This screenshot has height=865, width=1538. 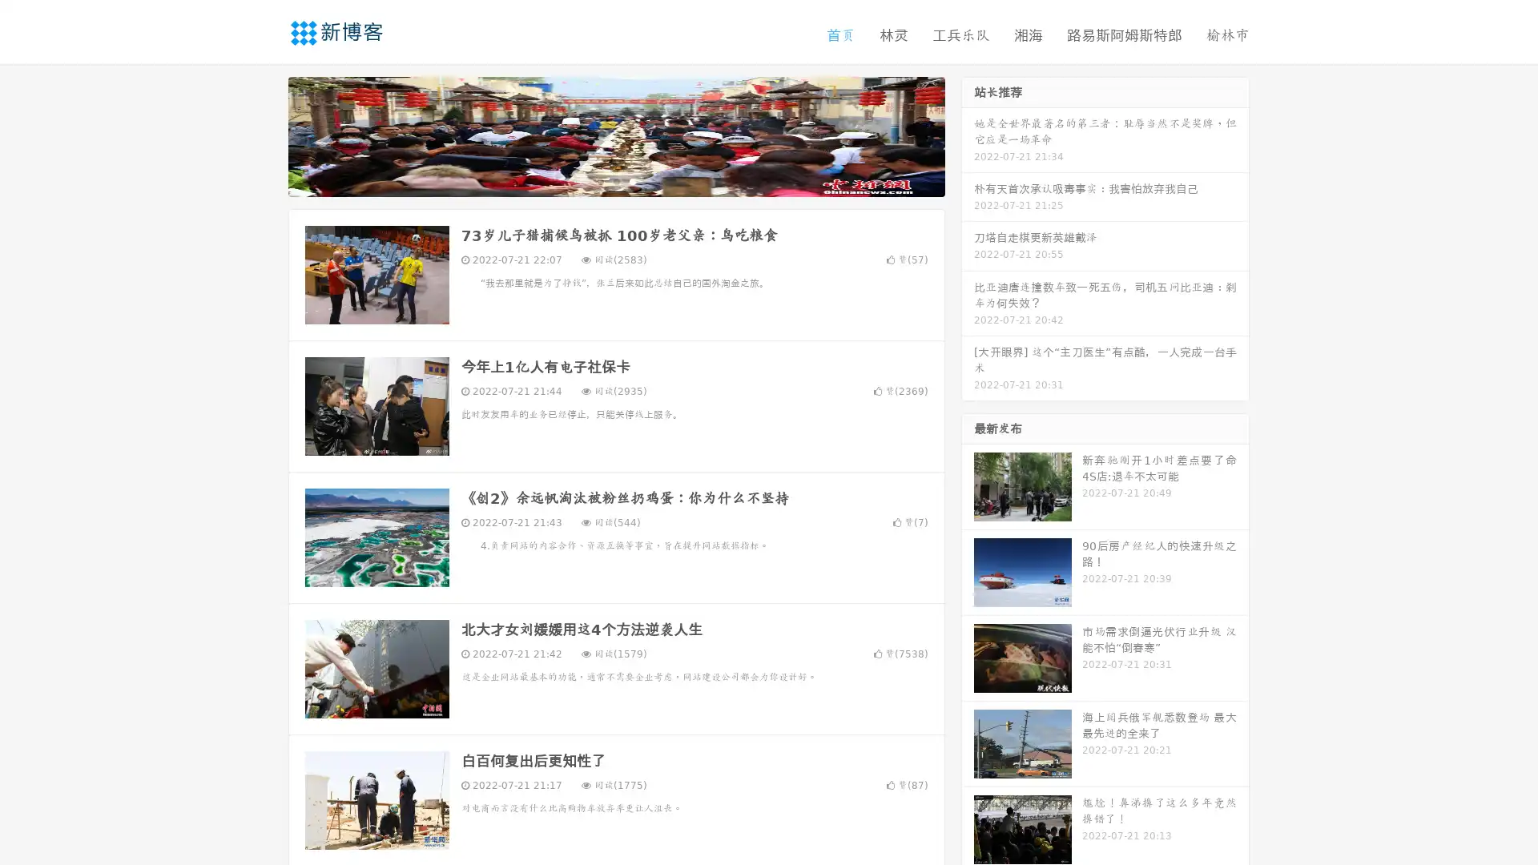 What do you see at coordinates (615, 180) in the screenshot?
I see `Go to slide 2` at bounding box center [615, 180].